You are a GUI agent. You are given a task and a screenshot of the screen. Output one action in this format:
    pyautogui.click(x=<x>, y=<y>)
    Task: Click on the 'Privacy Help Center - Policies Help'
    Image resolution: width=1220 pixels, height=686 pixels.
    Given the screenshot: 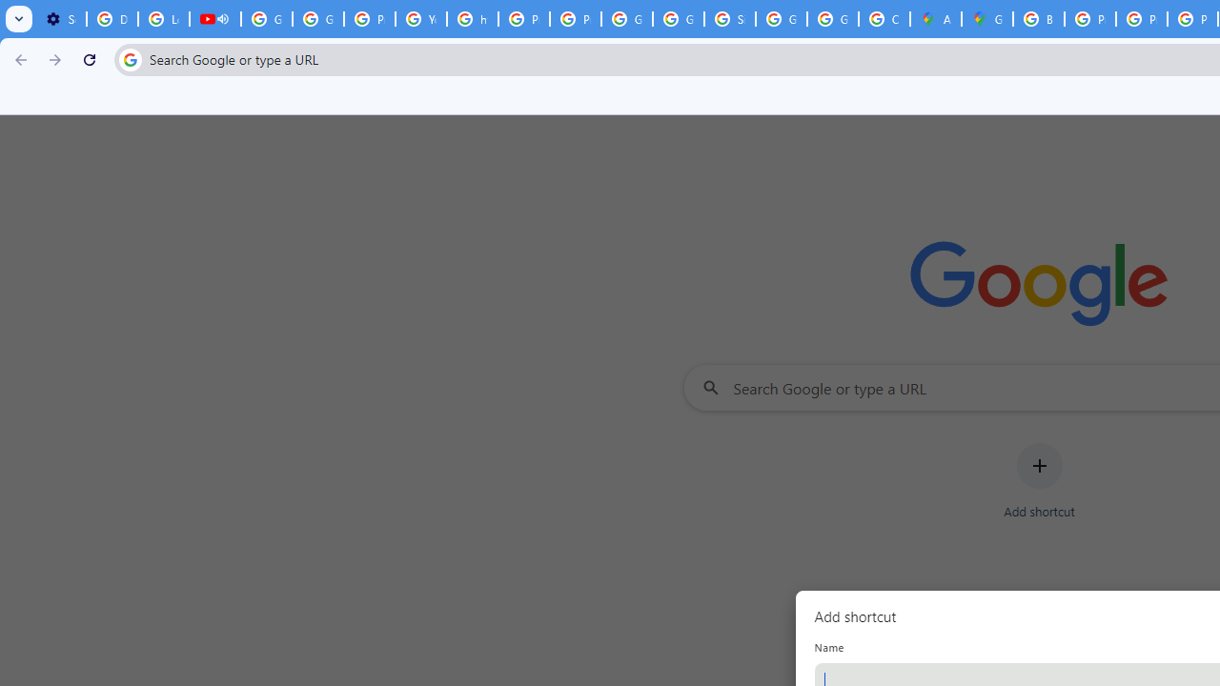 What is the action you would take?
    pyautogui.click(x=1090, y=19)
    